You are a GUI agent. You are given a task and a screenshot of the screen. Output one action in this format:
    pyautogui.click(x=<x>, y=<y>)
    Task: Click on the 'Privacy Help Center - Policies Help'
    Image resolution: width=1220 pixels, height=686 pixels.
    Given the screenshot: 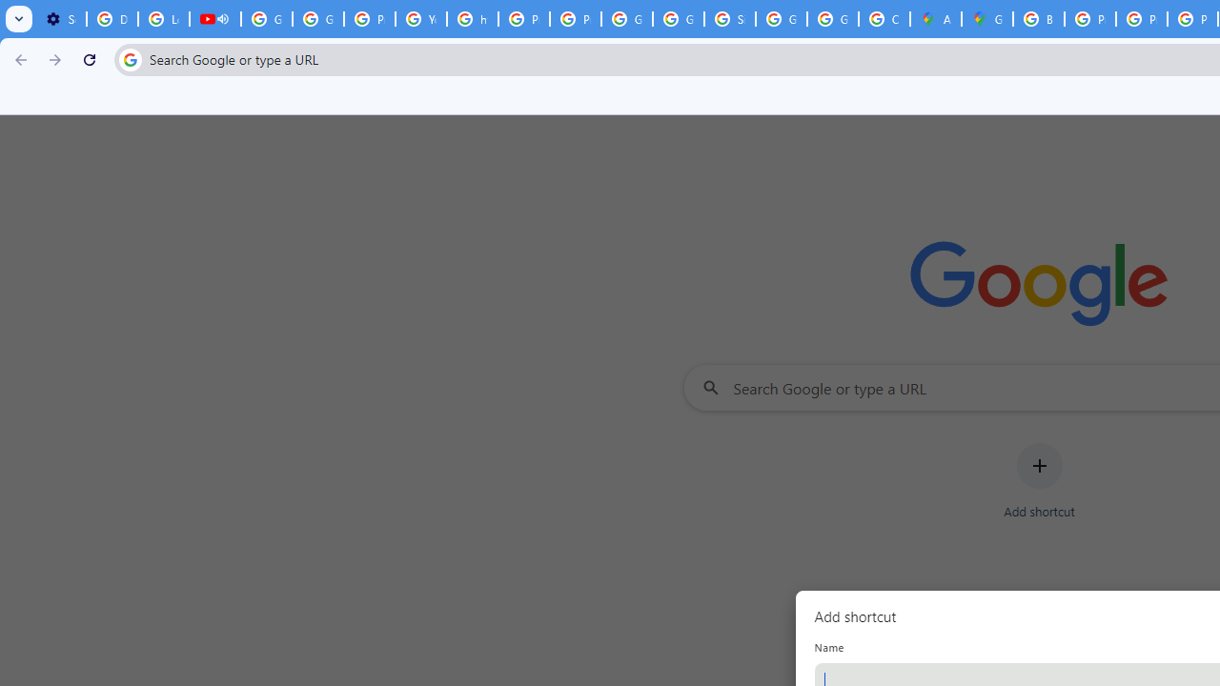 What is the action you would take?
    pyautogui.click(x=1090, y=19)
    